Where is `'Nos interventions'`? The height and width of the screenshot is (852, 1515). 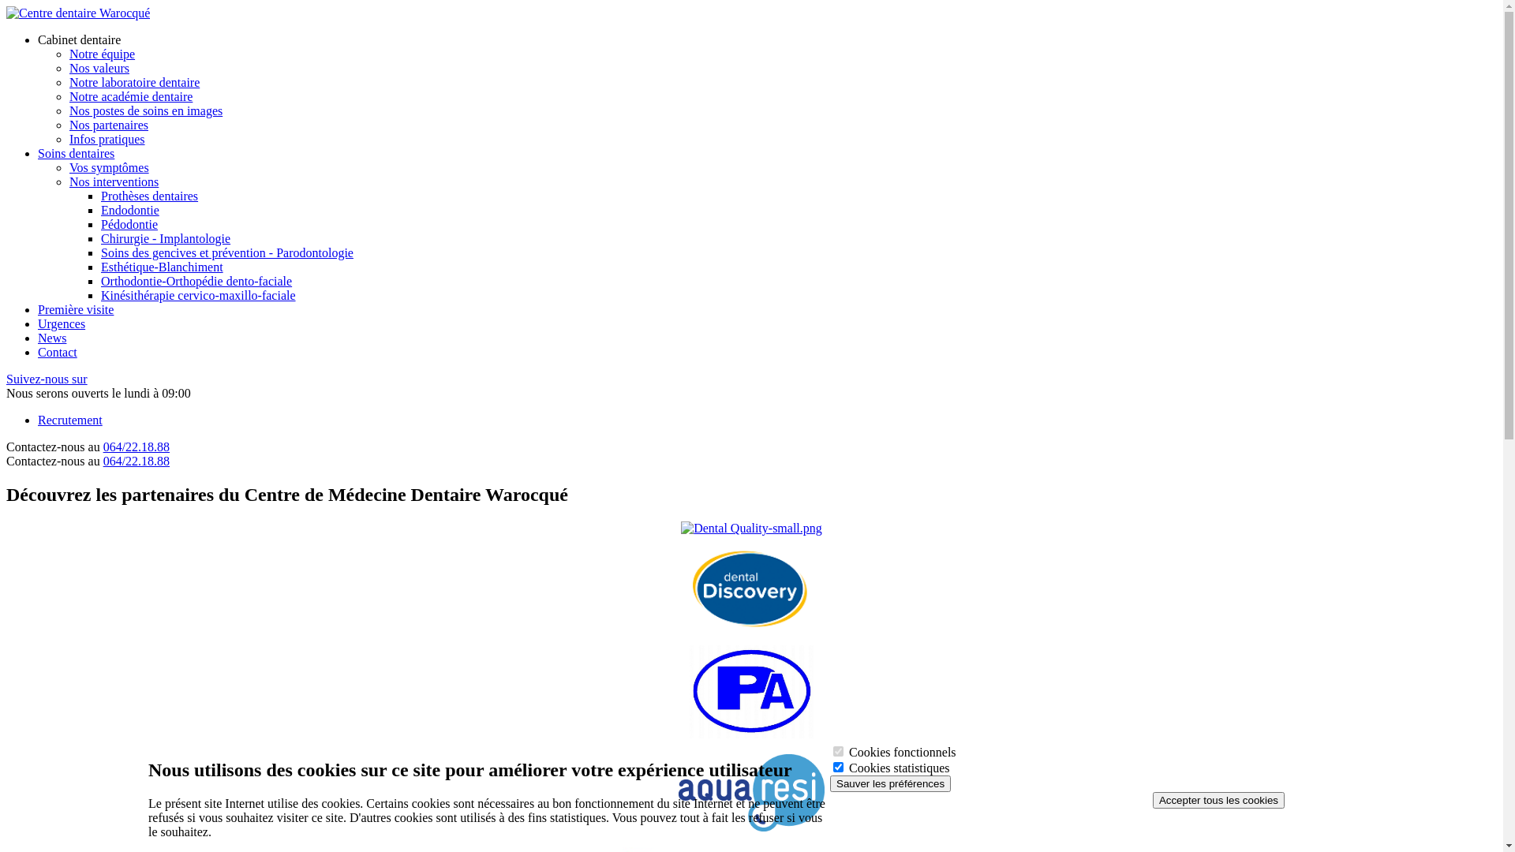
'Nos interventions' is located at coordinates (68, 181).